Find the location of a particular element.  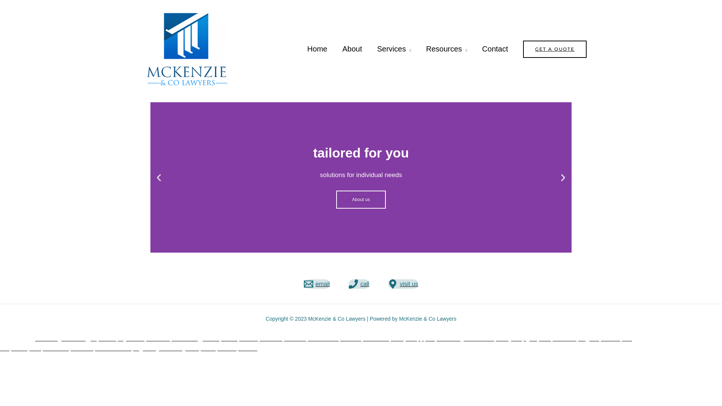

'About us' is located at coordinates (360, 199).